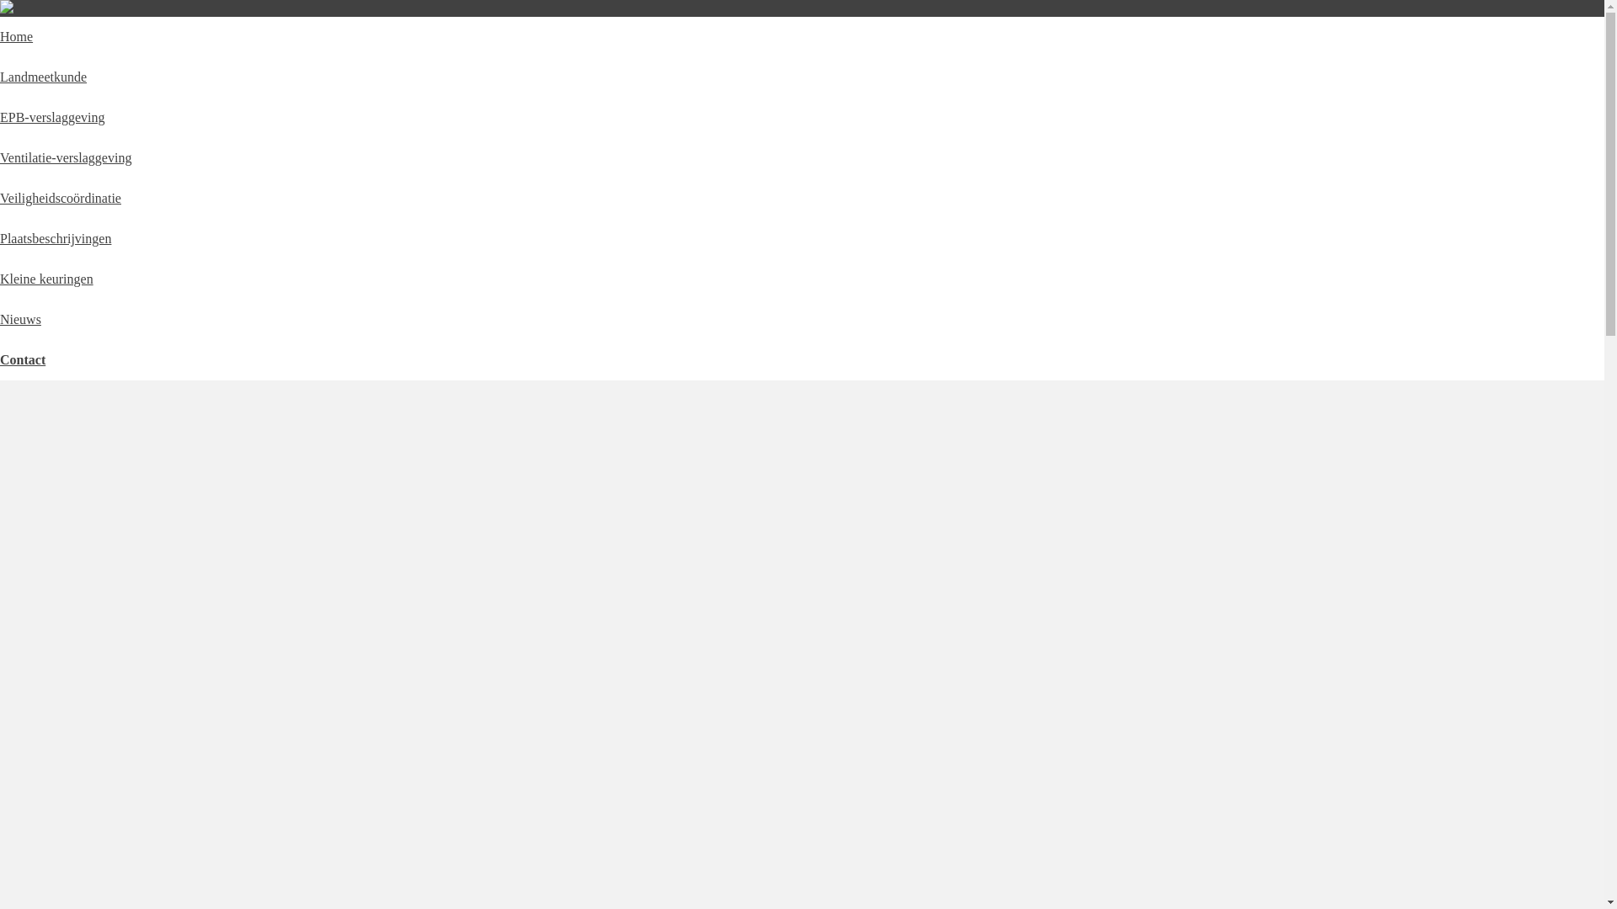 The width and height of the screenshot is (1617, 909). I want to click on 'Contact', so click(23, 359).